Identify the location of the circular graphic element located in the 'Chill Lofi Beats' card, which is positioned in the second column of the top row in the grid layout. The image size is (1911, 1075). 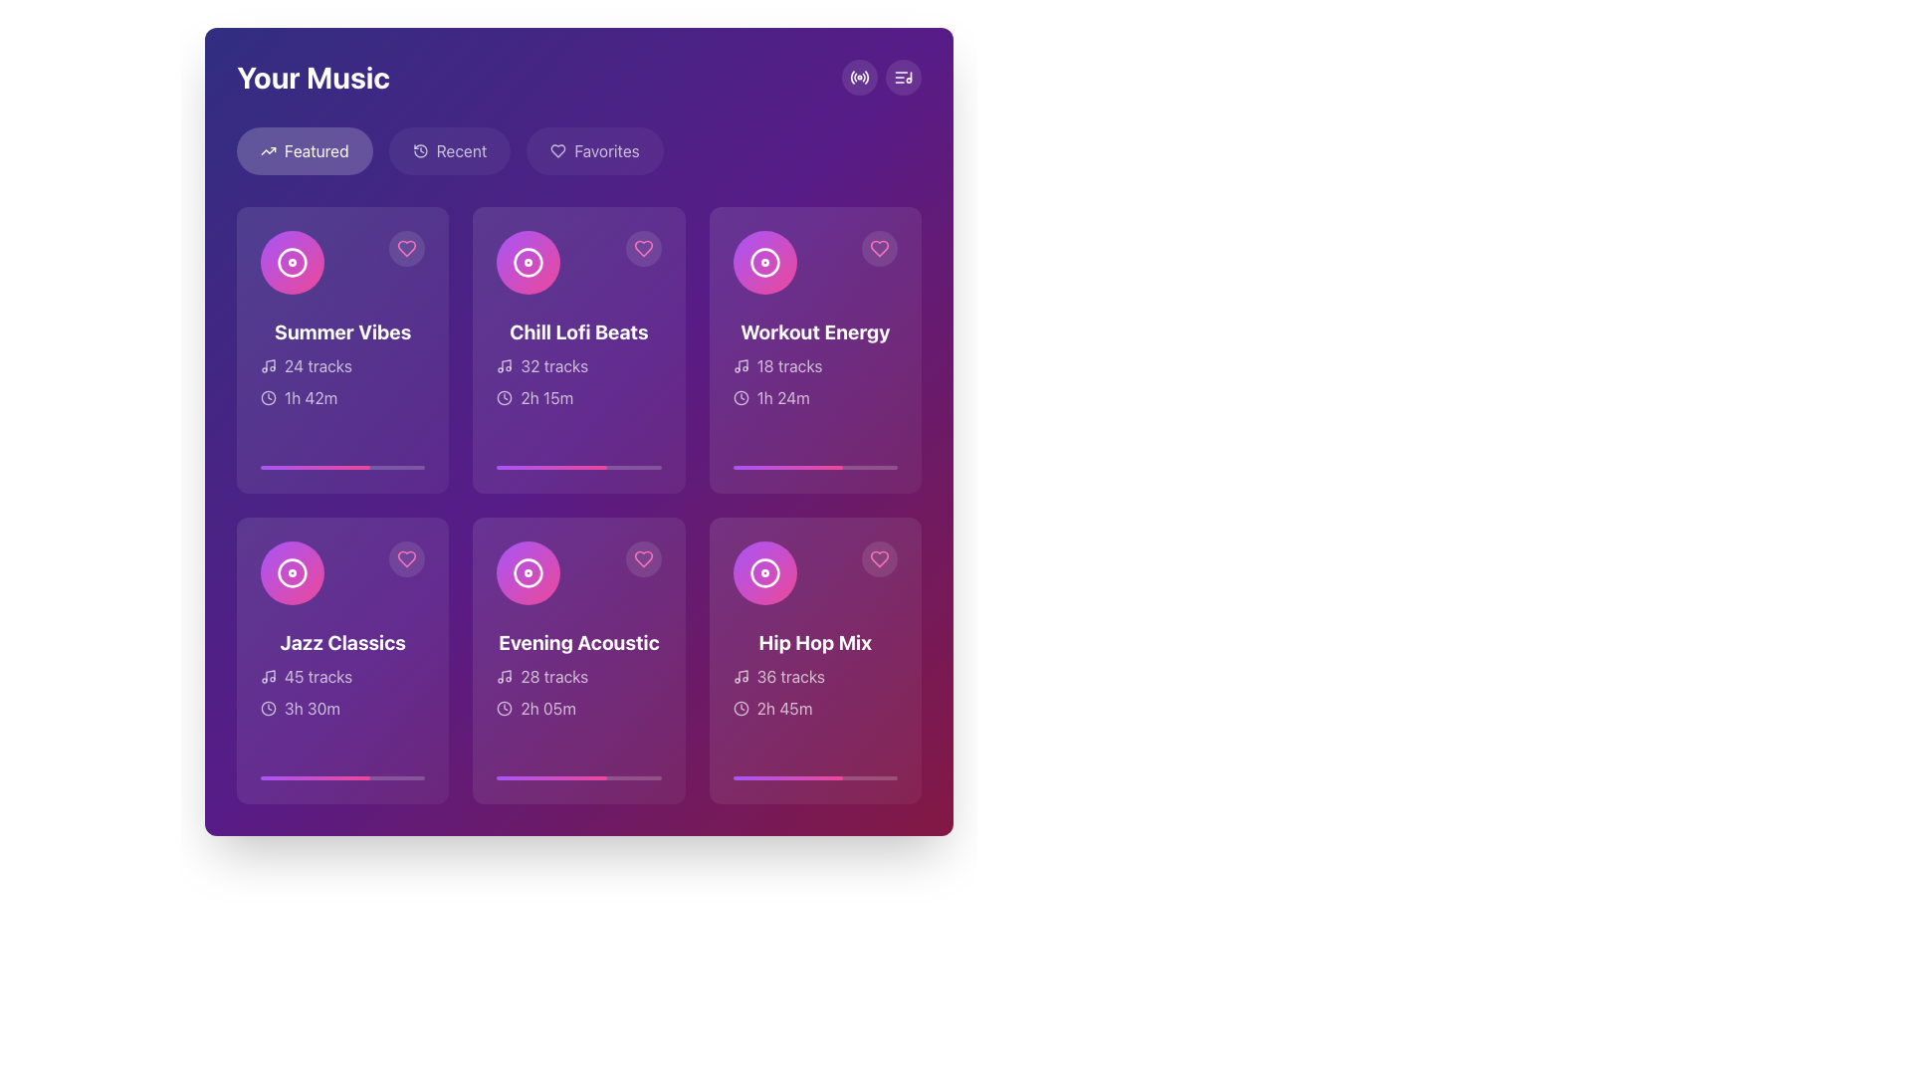
(529, 261).